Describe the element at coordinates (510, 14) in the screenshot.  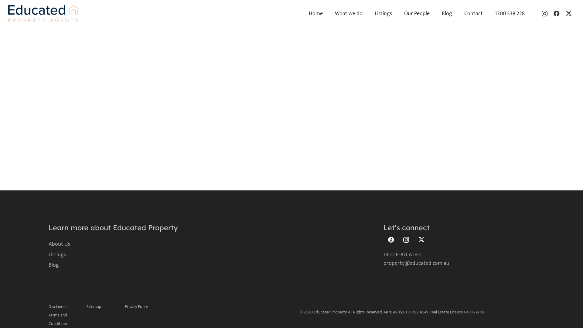
I see `'1300 338 228'` at that location.